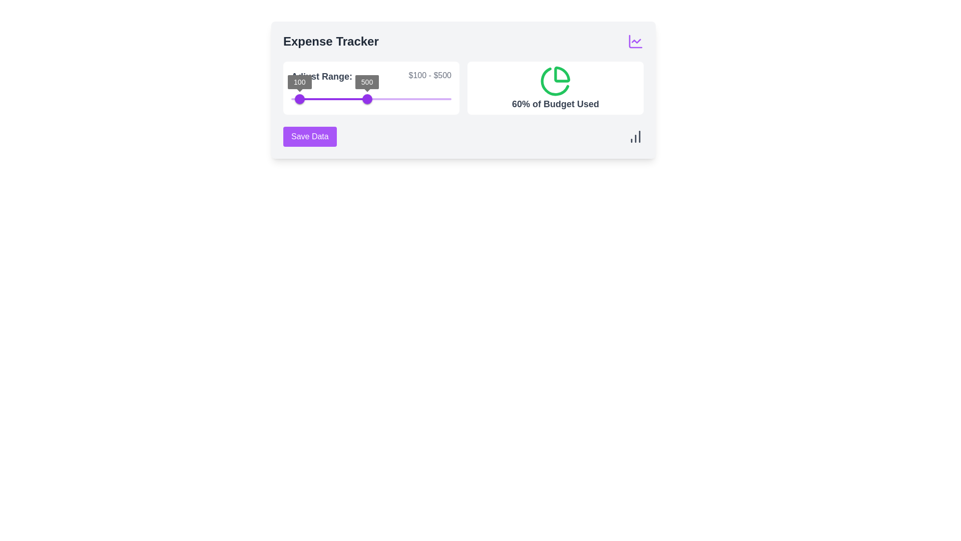  I want to click on the circular Value indicator badge with a grey background containing the text '100', located above the leftmost slider knob in the 'Adjust Range' section, so click(299, 81).